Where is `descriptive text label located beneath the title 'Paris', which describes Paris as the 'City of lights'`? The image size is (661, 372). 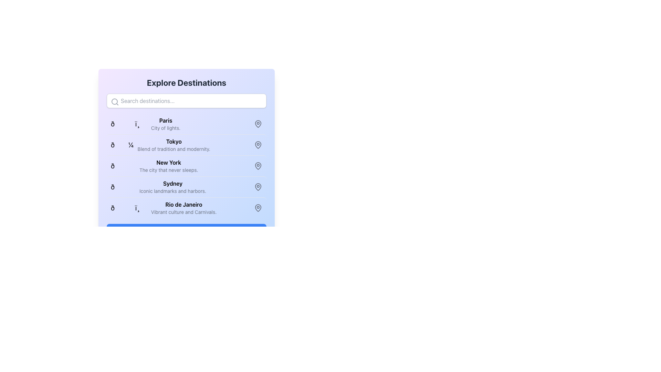 descriptive text label located beneath the title 'Paris', which describes Paris as the 'City of lights' is located at coordinates (166, 128).